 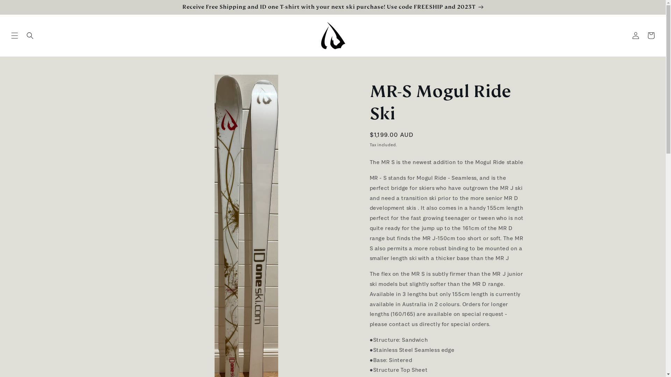 I want to click on 'Cart', so click(x=650, y=35).